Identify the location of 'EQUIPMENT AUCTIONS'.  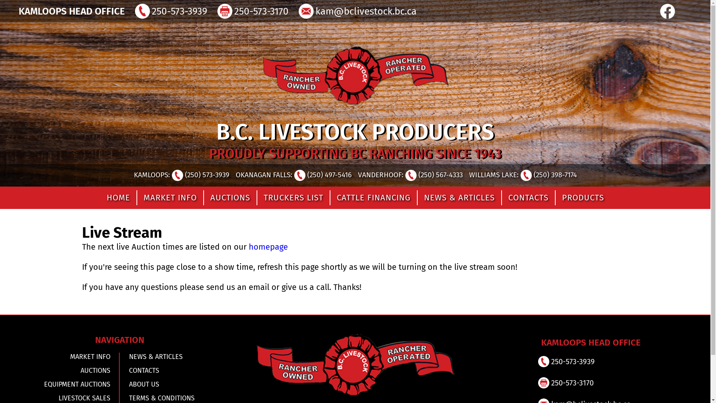
(64, 384).